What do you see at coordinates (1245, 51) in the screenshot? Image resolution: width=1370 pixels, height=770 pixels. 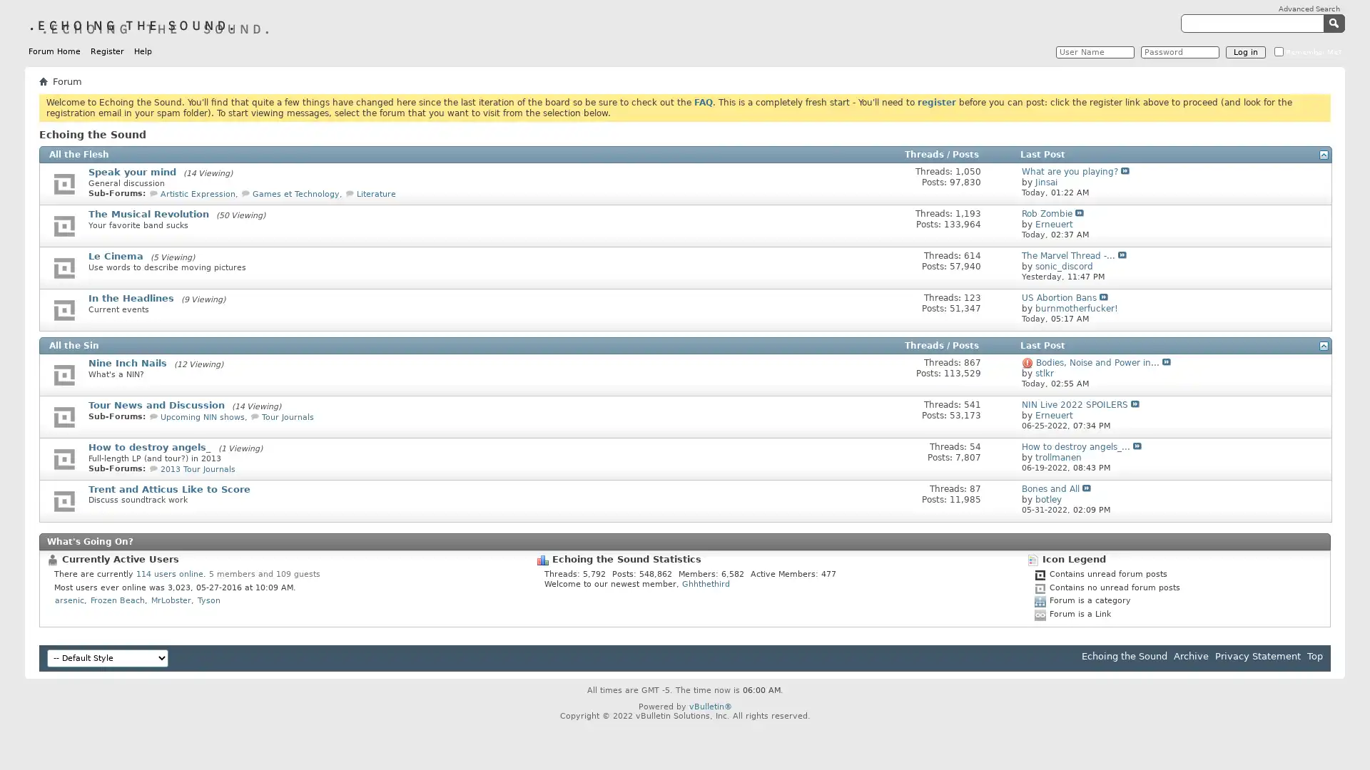 I see `Log in` at bounding box center [1245, 51].